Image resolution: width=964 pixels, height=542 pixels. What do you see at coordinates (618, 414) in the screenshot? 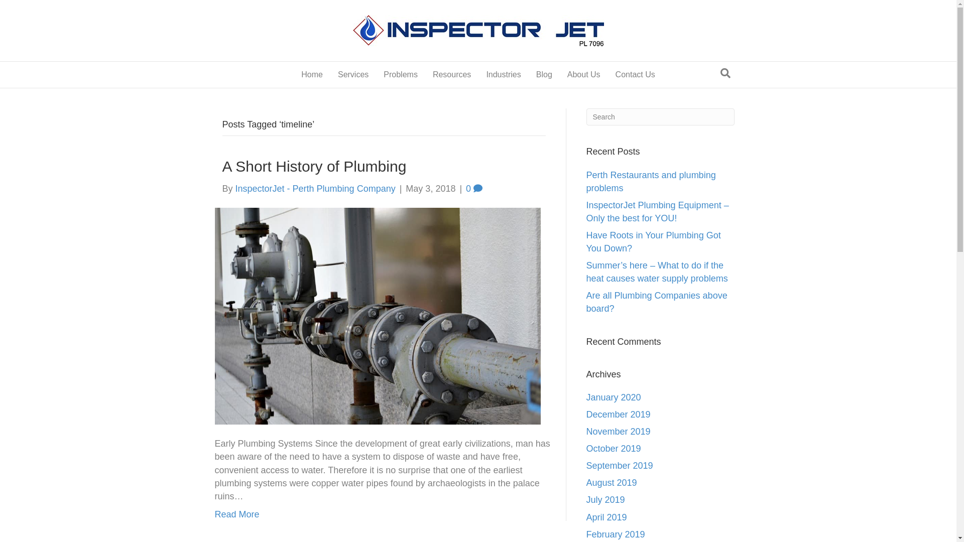
I see `'December 2019'` at bounding box center [618, 414].